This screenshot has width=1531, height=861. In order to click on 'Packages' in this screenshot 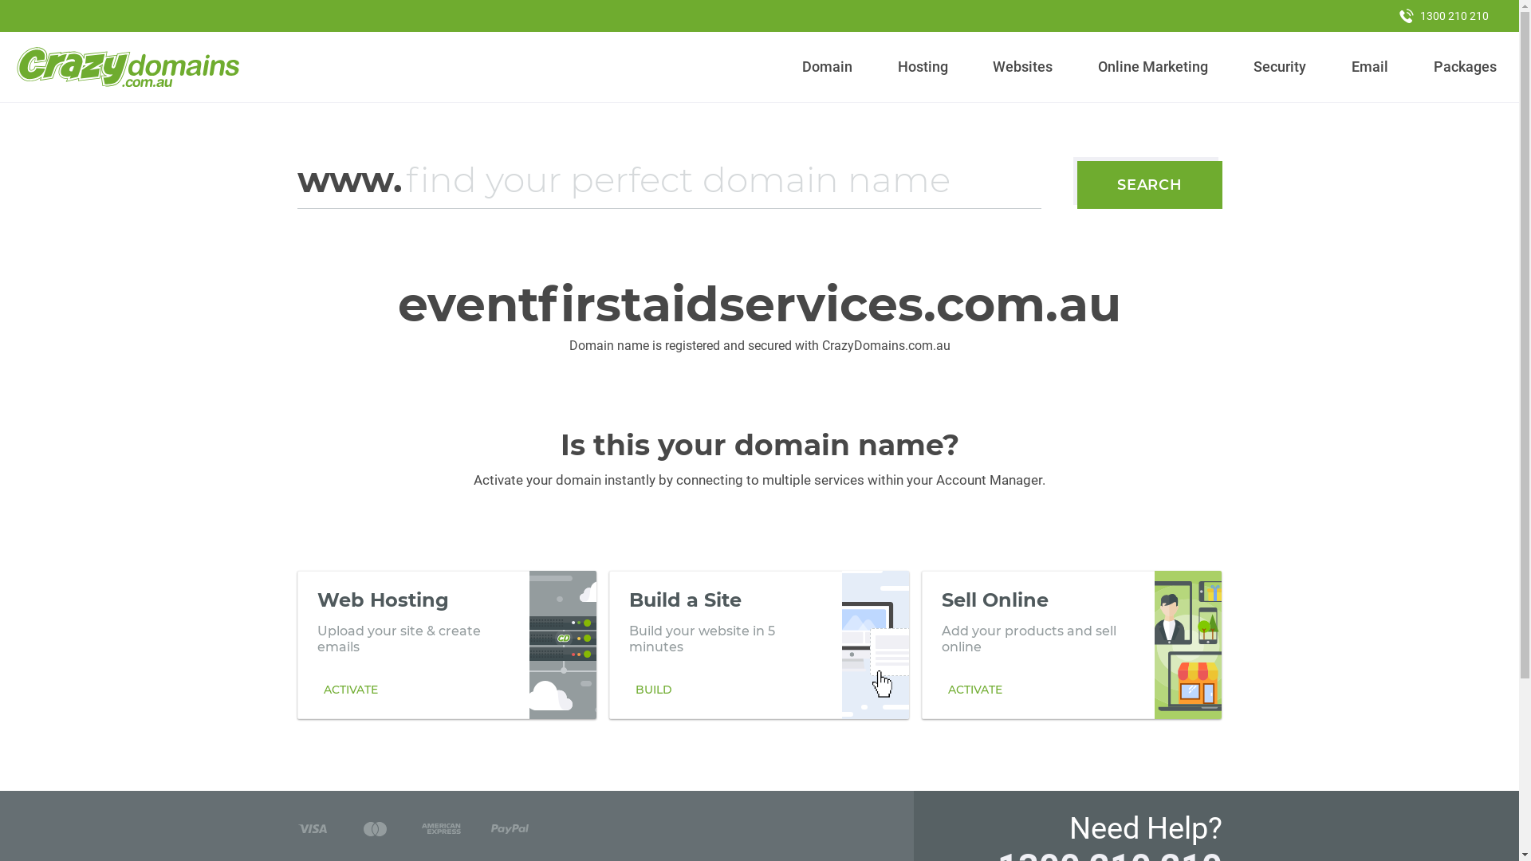, I will do `click(1465, 66)`.